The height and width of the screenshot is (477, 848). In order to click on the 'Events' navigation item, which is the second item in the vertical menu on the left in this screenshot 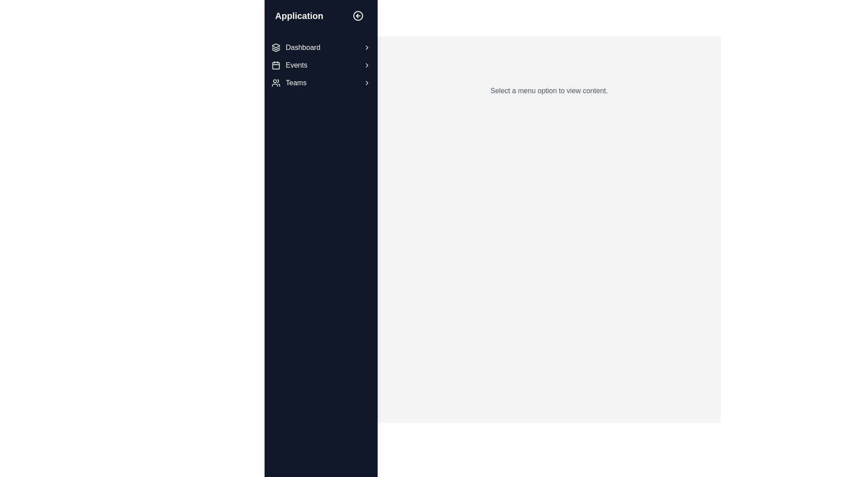, I will do `click(289, 64)`.